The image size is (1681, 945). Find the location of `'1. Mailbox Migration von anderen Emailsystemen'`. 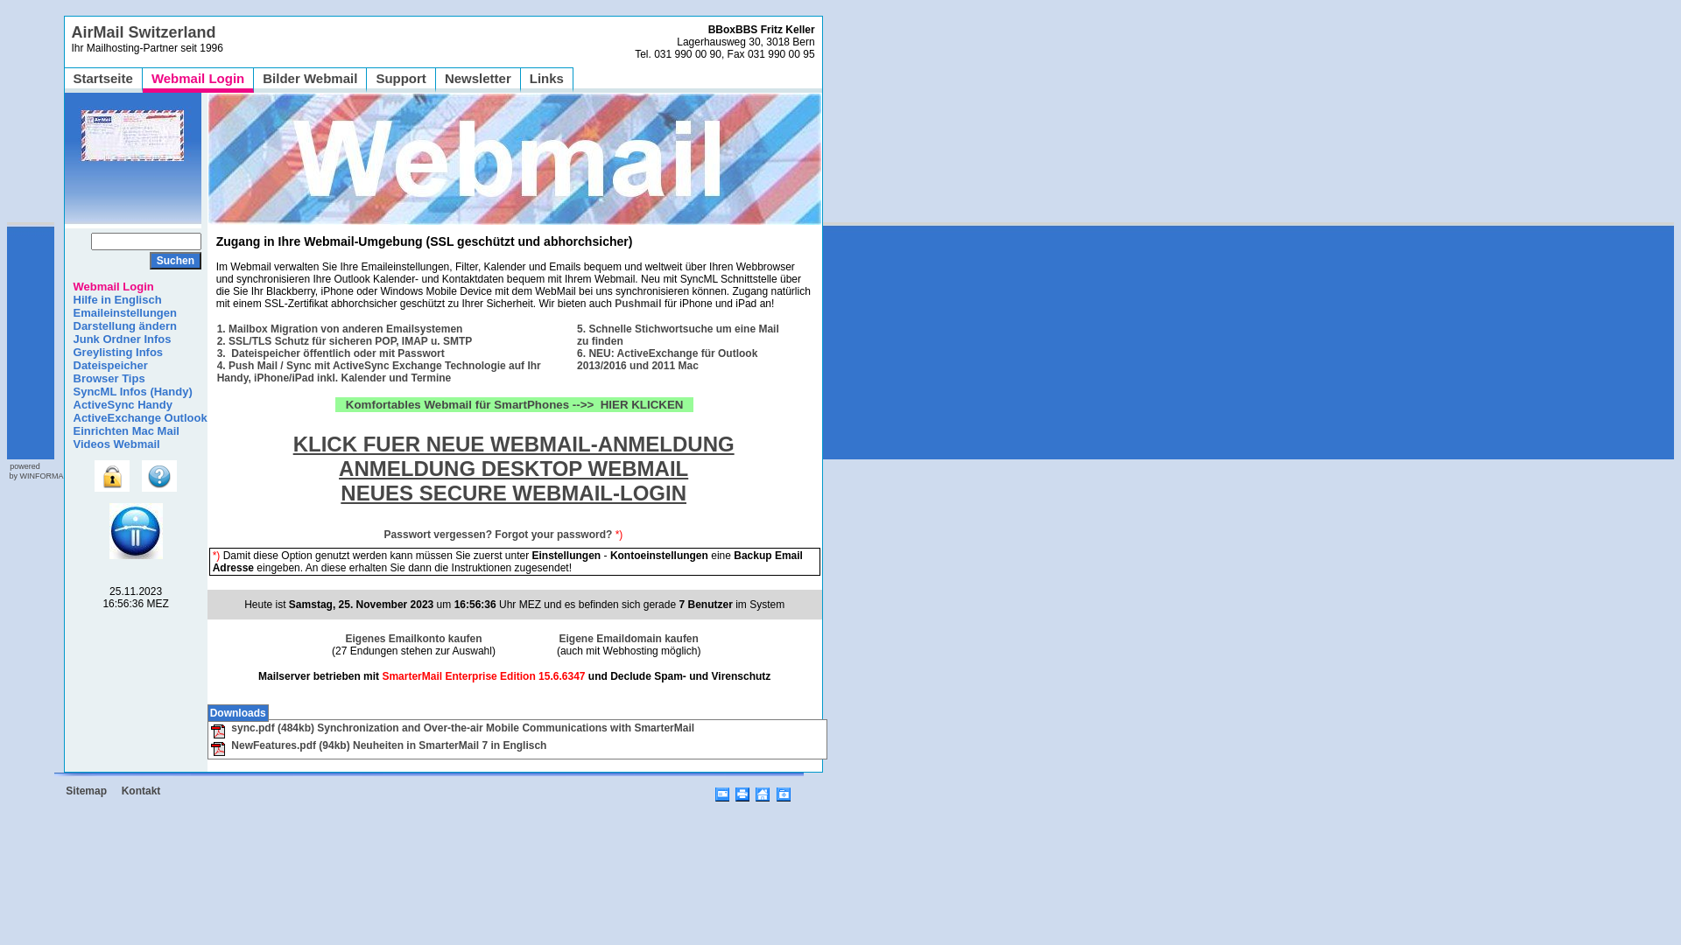

'1. Mailbox Migration von anderen Emailsystemen' is located at coordinates (340, 328).